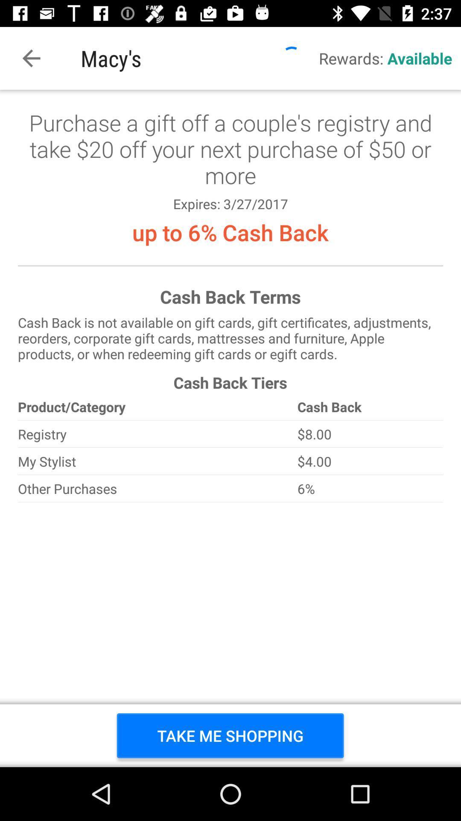  What do you see at coordinates (31, 58) in the screenshot?
I see `item to the left of macy's item` at bounding box center [31, 58].